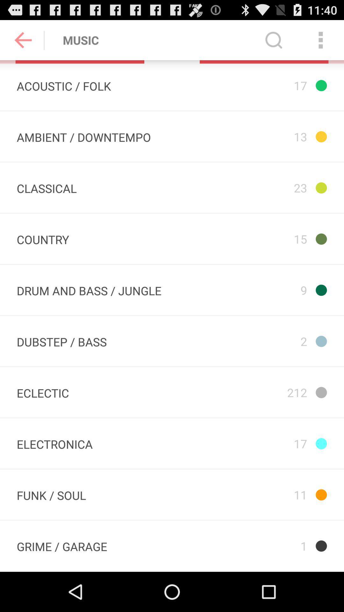 This screenshot has height=612, width=344. Describe the element at coordinates (43, 392) in the screenshot. I see `the item next to the 212 icon` at that location.